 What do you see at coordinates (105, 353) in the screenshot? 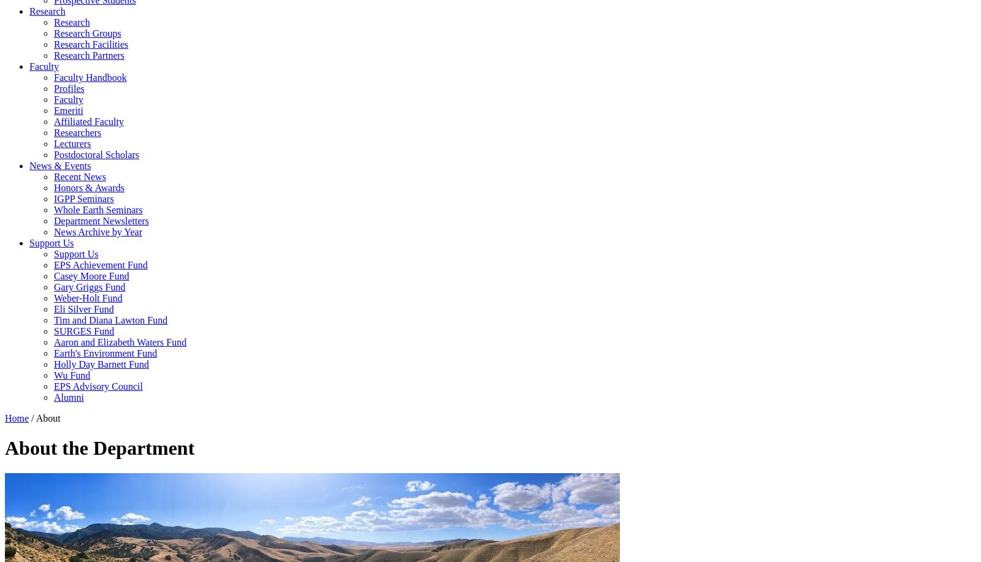
I see `'Earth's Environment Fund'` at bounding box center [105, 353].